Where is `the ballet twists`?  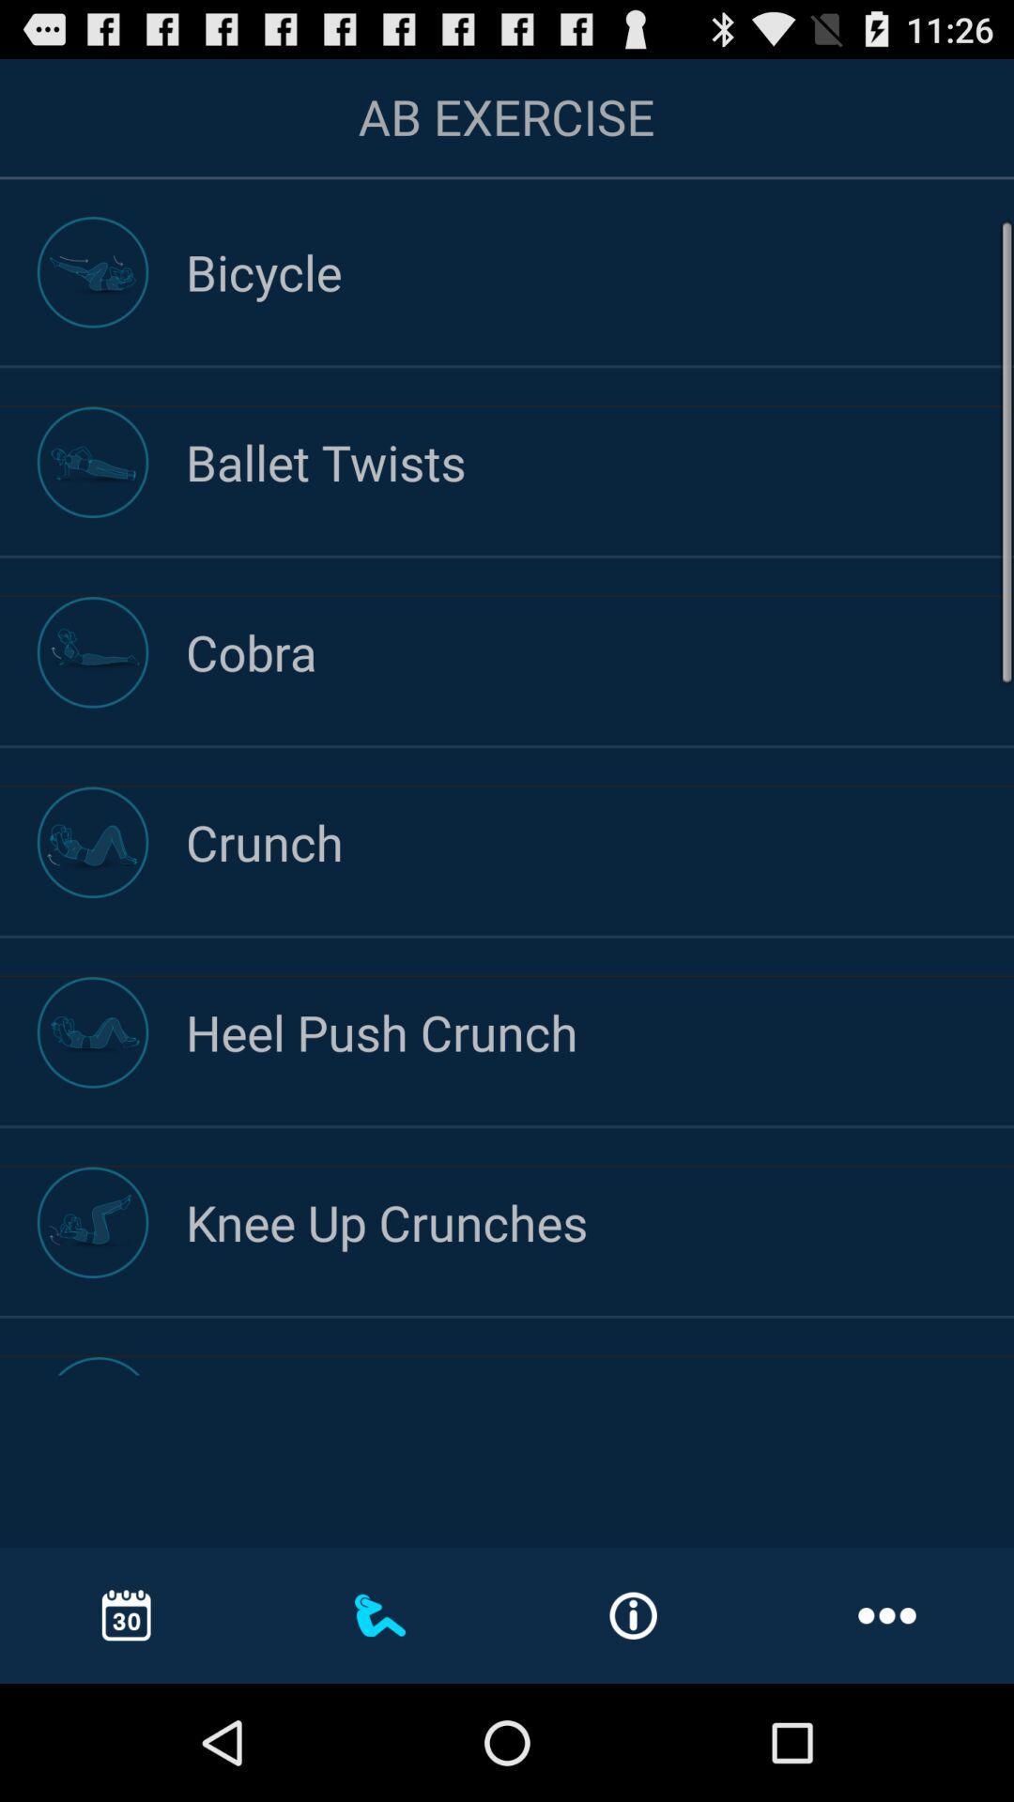
the ballet twists is located at coordinates (600, 462).